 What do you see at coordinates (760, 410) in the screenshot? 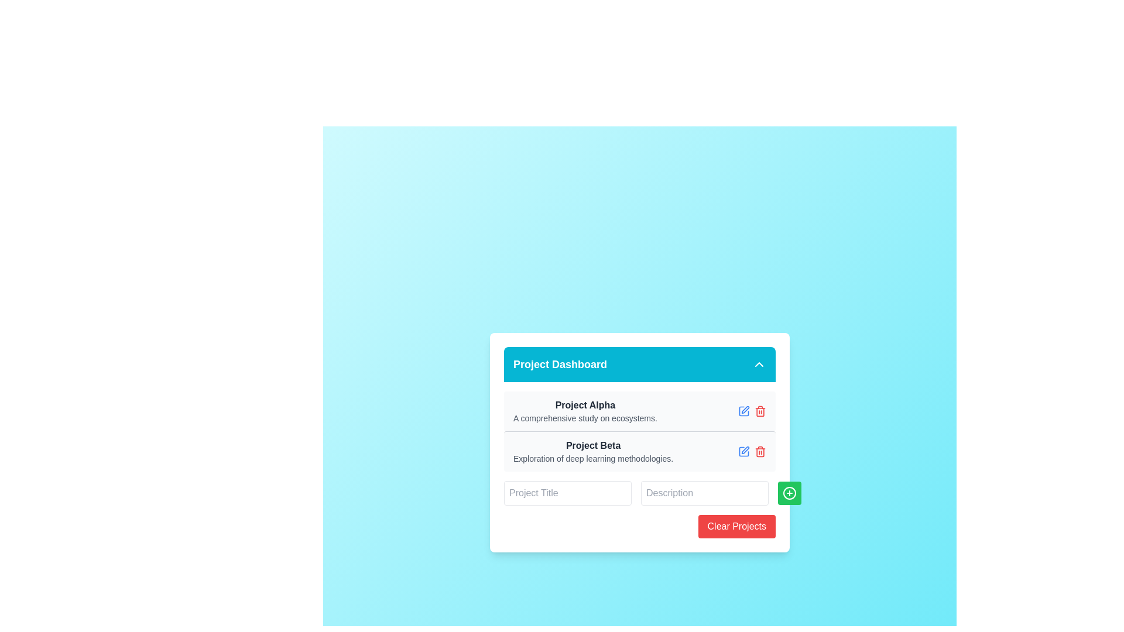
I see `the delete button located to the right of the 'Project Beta' entry in the 'Project Dashboard' interface` at bounding box center [760, 410].